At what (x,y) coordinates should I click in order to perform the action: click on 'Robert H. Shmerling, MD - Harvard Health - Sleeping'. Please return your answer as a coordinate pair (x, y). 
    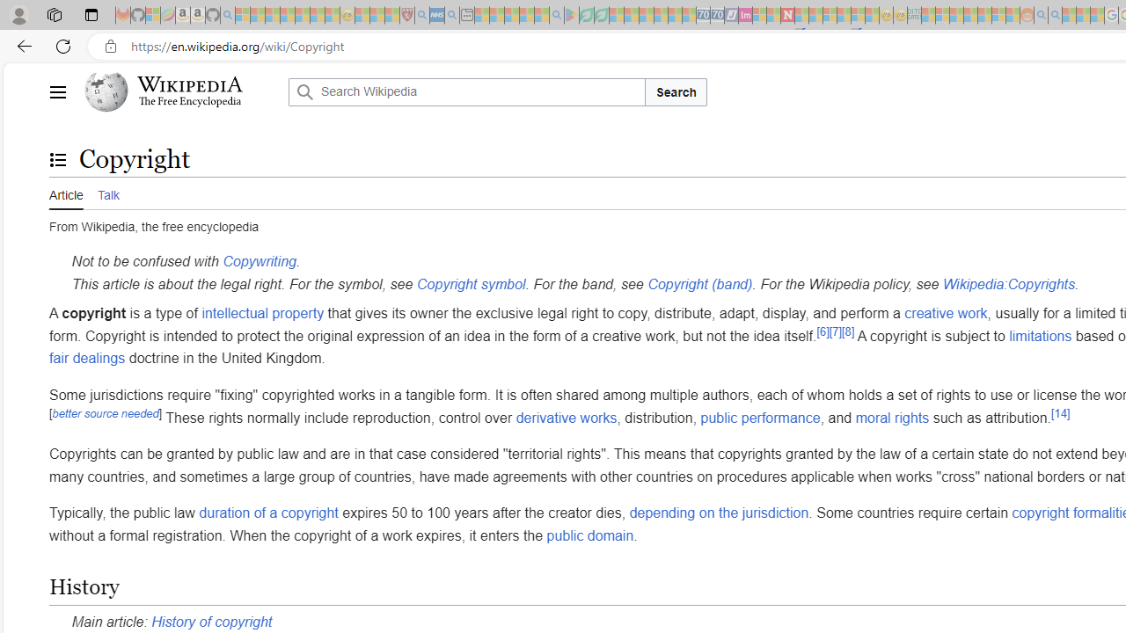
    Looking at the image, I should click on (406, 15).